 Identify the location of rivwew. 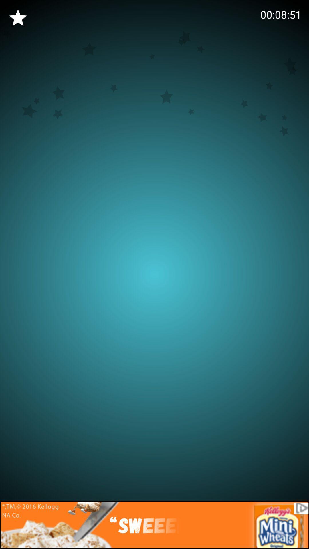
(17, 18).